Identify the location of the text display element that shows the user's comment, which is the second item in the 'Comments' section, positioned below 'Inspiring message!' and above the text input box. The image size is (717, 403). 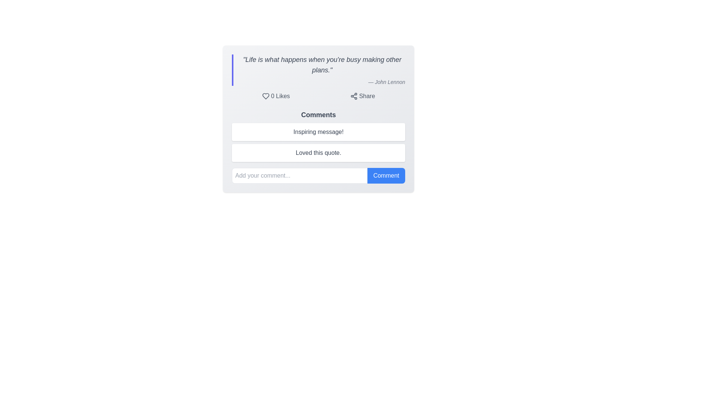
(319, 147).